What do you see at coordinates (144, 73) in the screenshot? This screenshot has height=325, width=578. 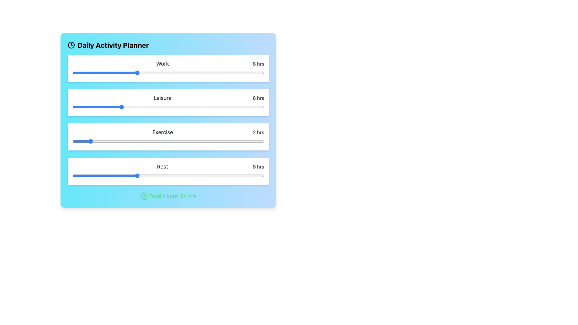 I see `work hours` at bounding box center [144, 73].